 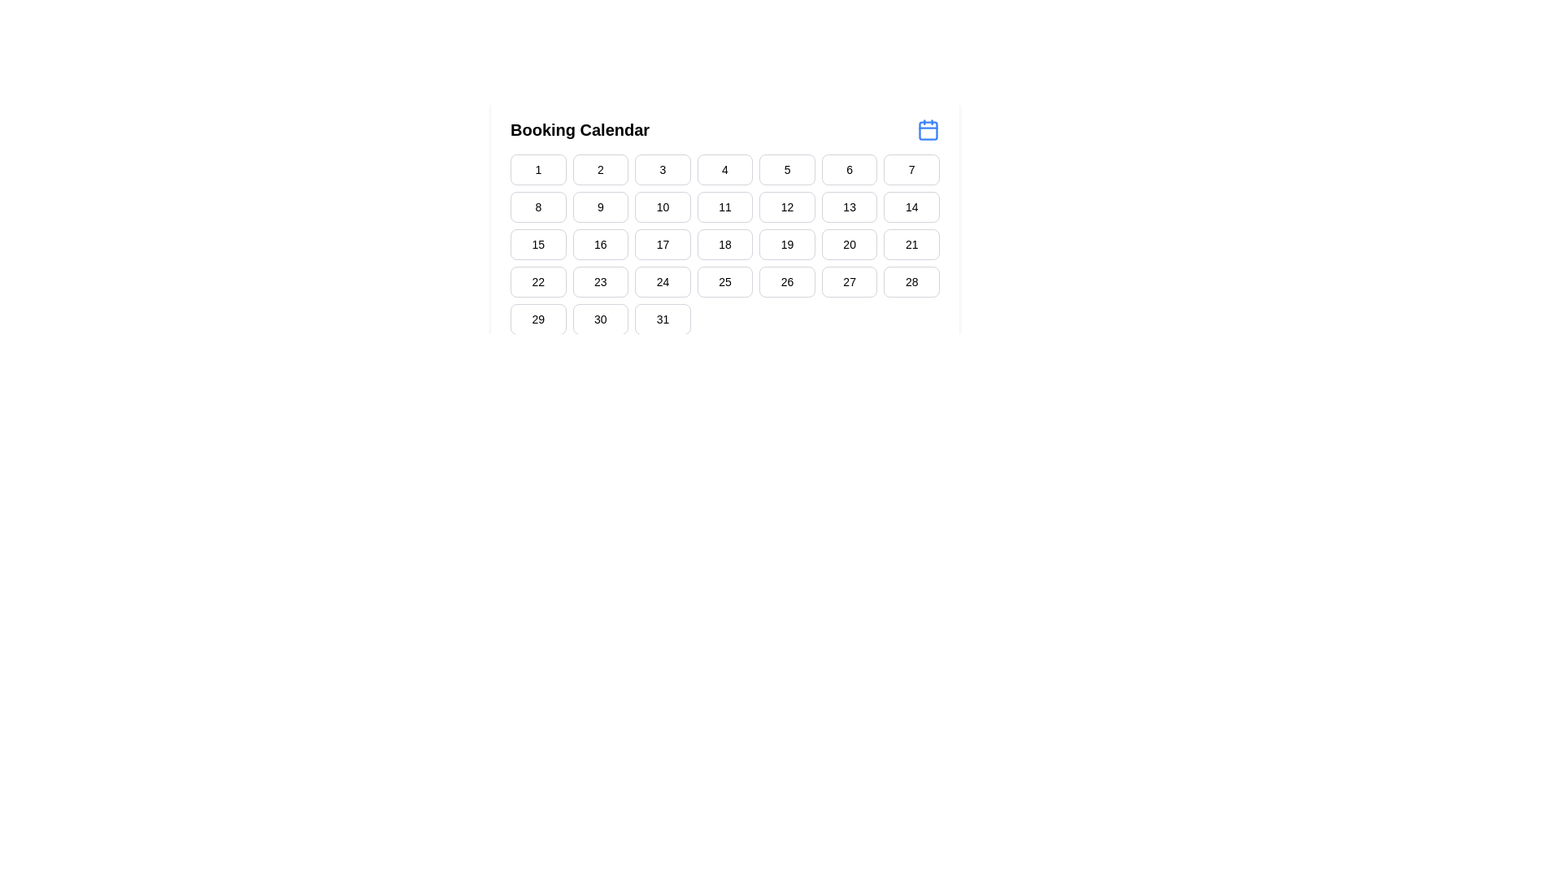 I want to click on the button labeled '23' in the calendar component, so click(x=599, y=281).